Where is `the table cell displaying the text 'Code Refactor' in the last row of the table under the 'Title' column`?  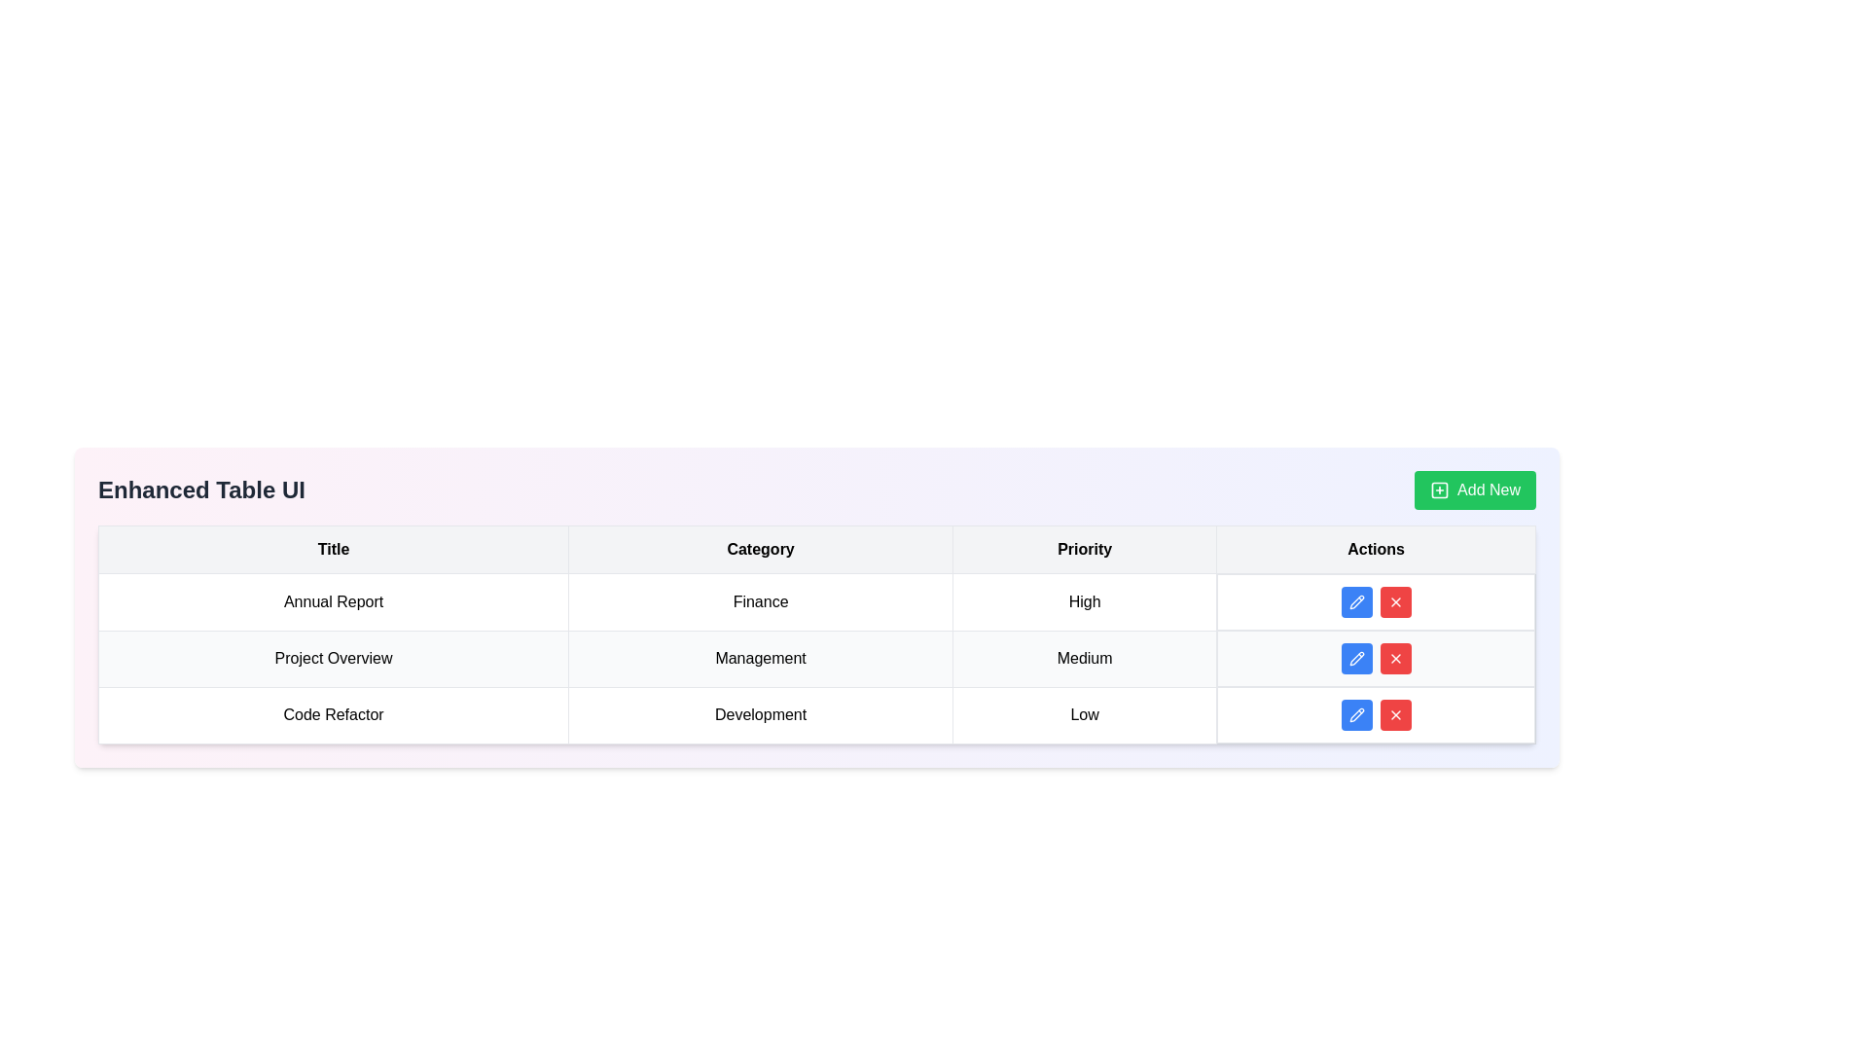
the table cell displaying the text 'Code Refactor' in the last row of the table under the 'Title' column is located at coordinates (334, 715).